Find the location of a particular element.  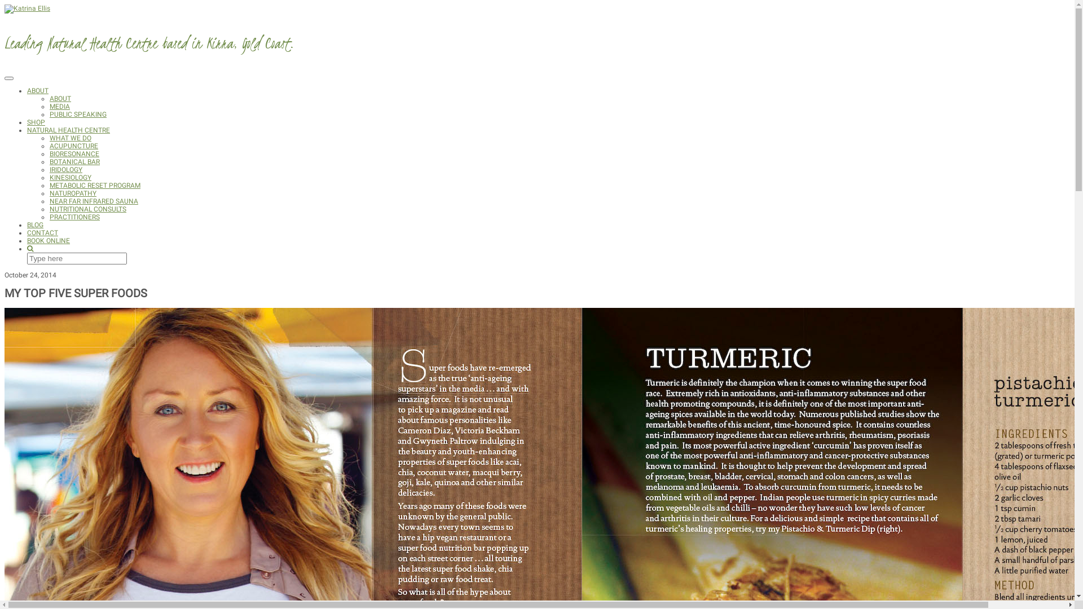

'BOTANICAL BAR' is located at coordinates (49, 161).